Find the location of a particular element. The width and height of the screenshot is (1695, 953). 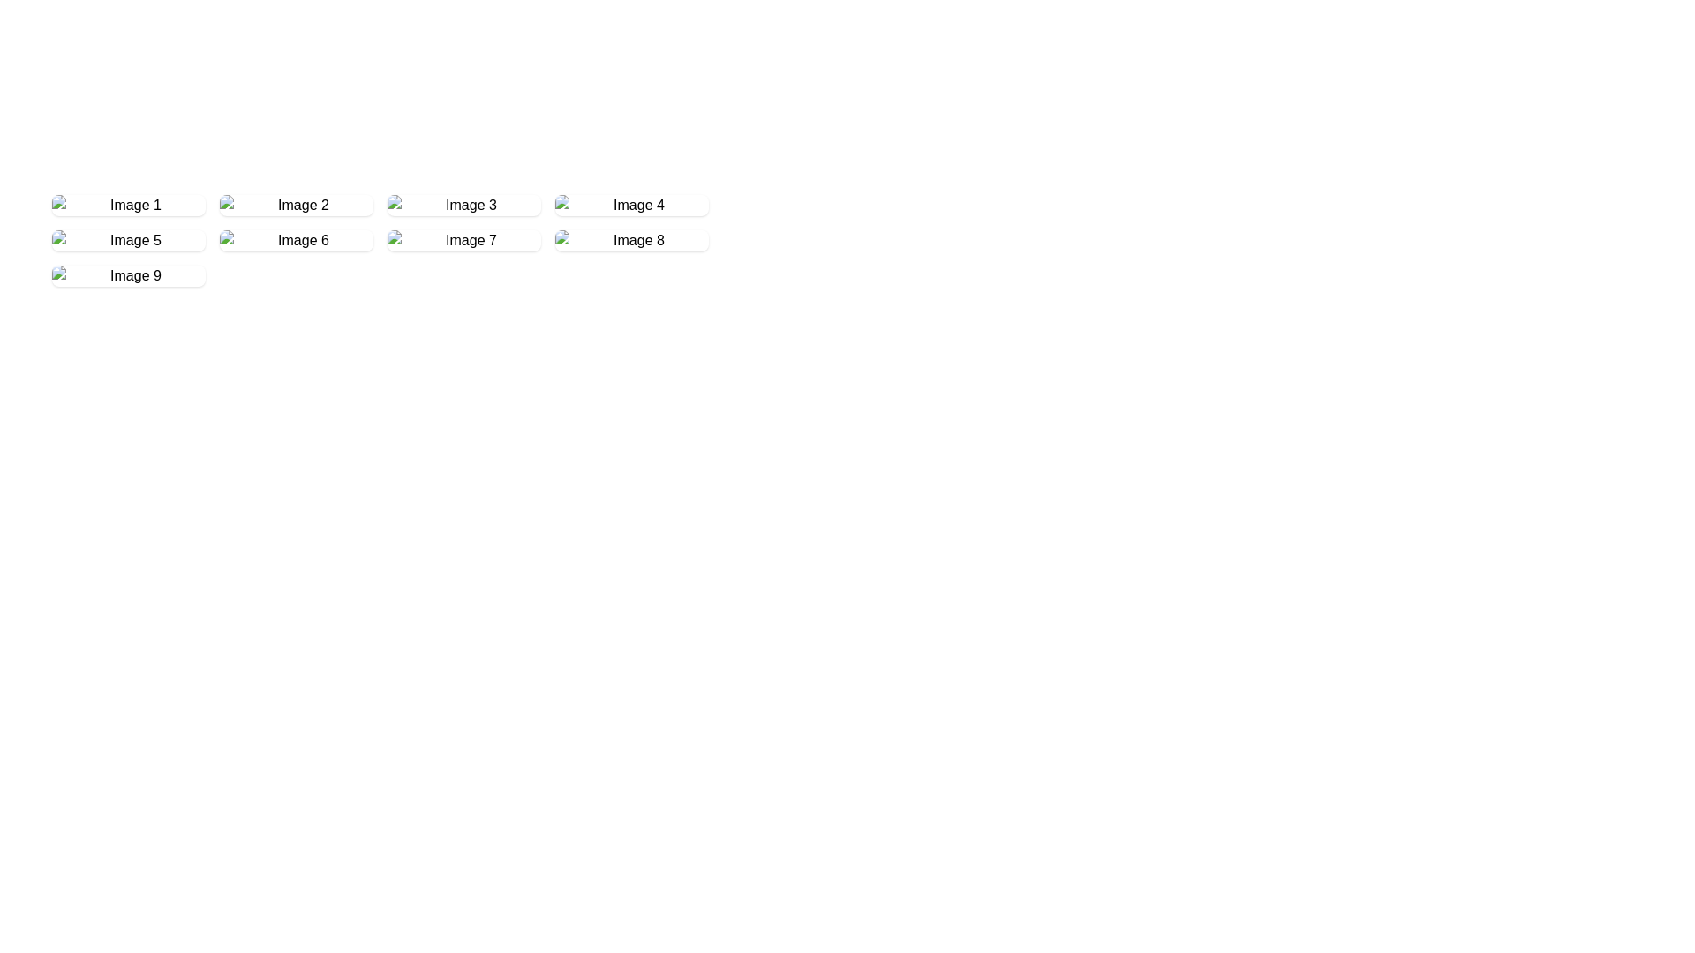

the sixth selectable tile in the gallery grid is located at coordinates (297, 241).